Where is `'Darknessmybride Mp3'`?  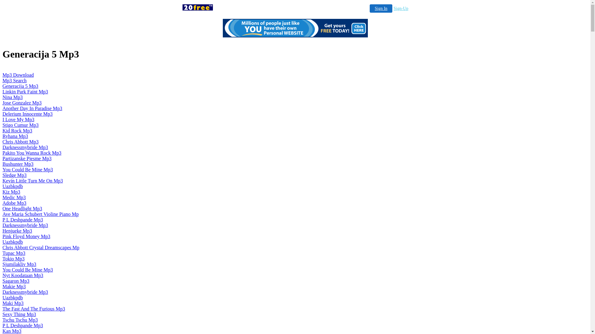 'Darknessmybride Mp3' is located at coordinates (25, 292).